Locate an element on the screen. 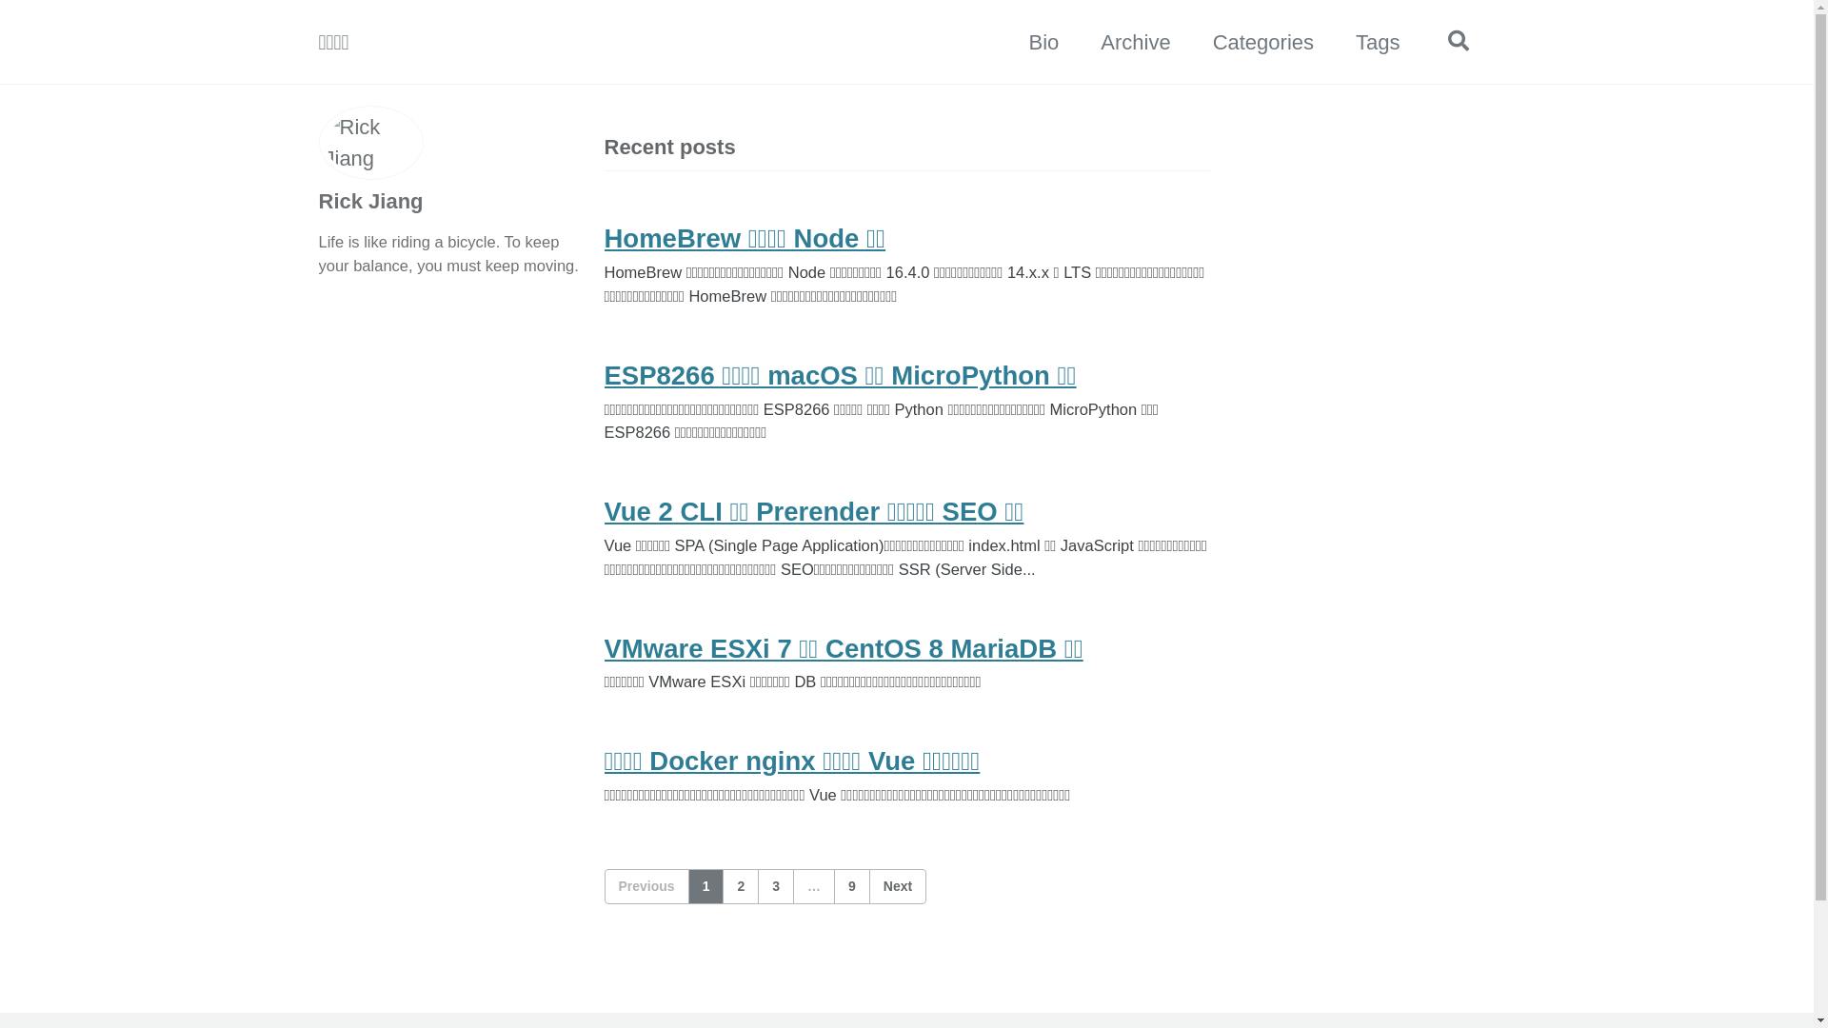  '2' is located at coordinates (739, 886).